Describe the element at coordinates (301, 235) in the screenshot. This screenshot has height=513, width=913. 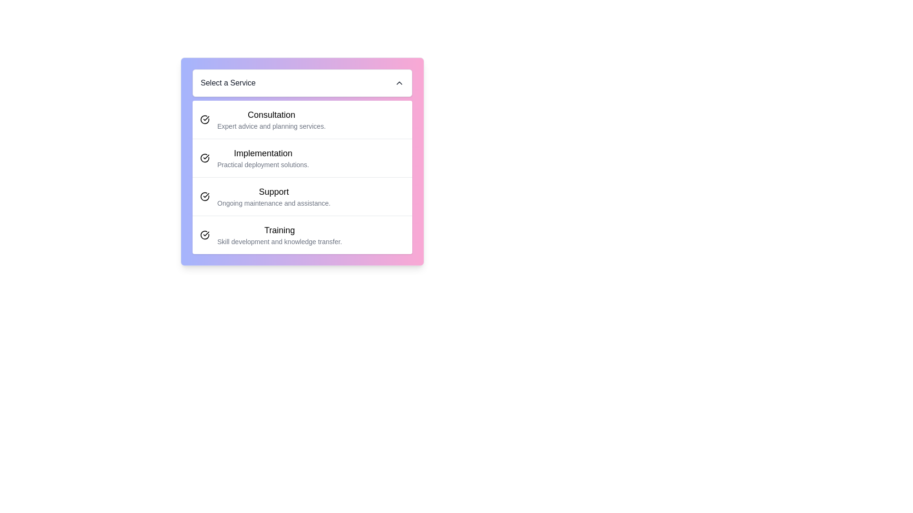
I see `the fourth selectable list item labeled 'Training'` at that location.